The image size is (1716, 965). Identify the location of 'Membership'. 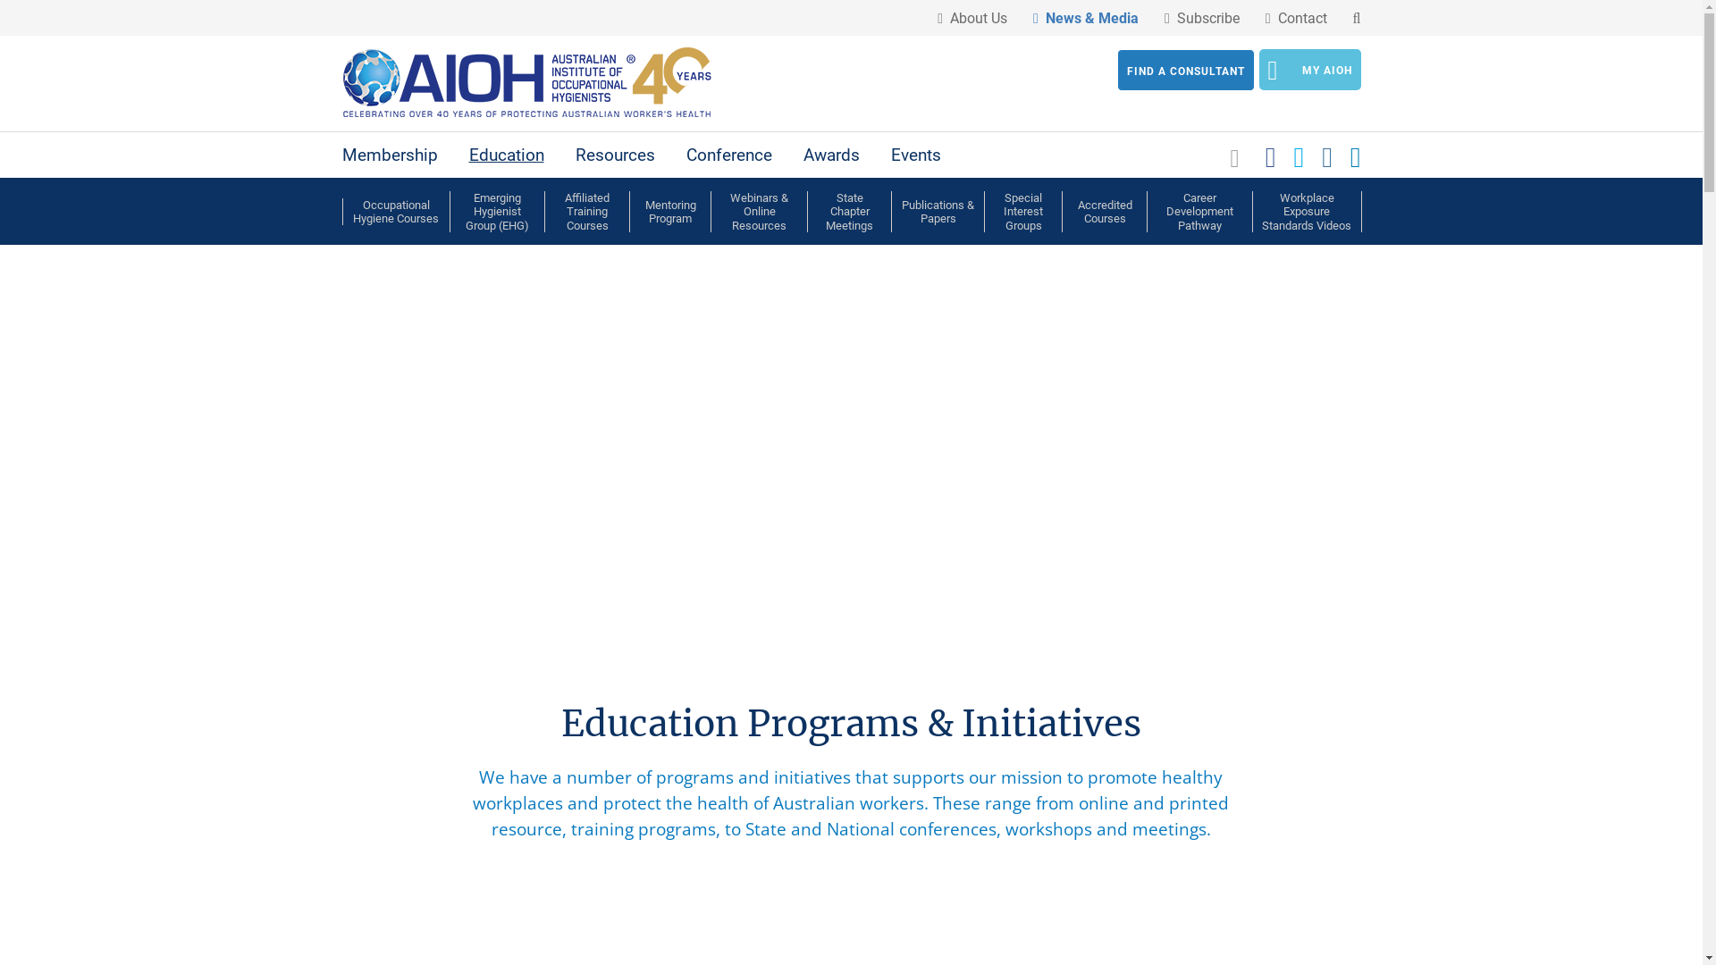
(388, 154).